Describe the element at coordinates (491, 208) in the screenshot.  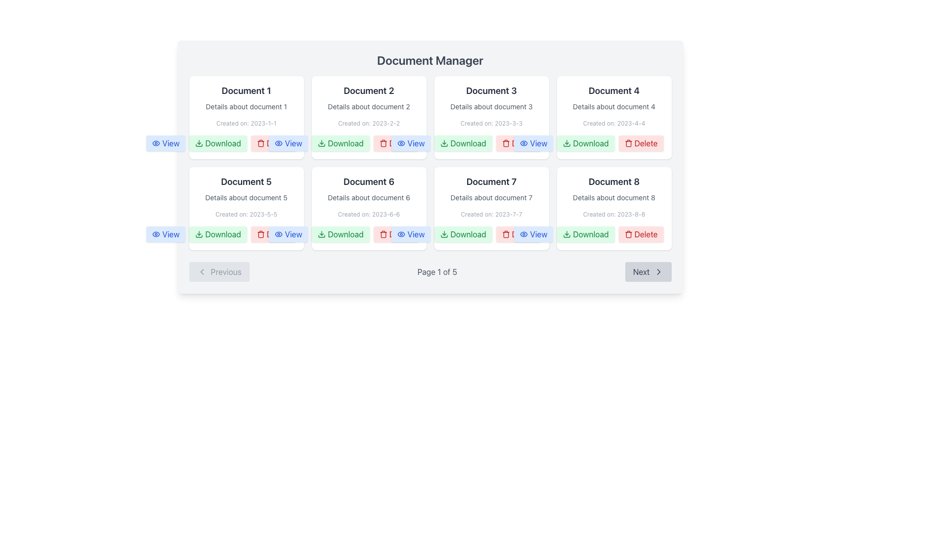
I see `the 'Download' button on the card titled 'Document 7' in the Document Manager to initiate the document download` at that location.